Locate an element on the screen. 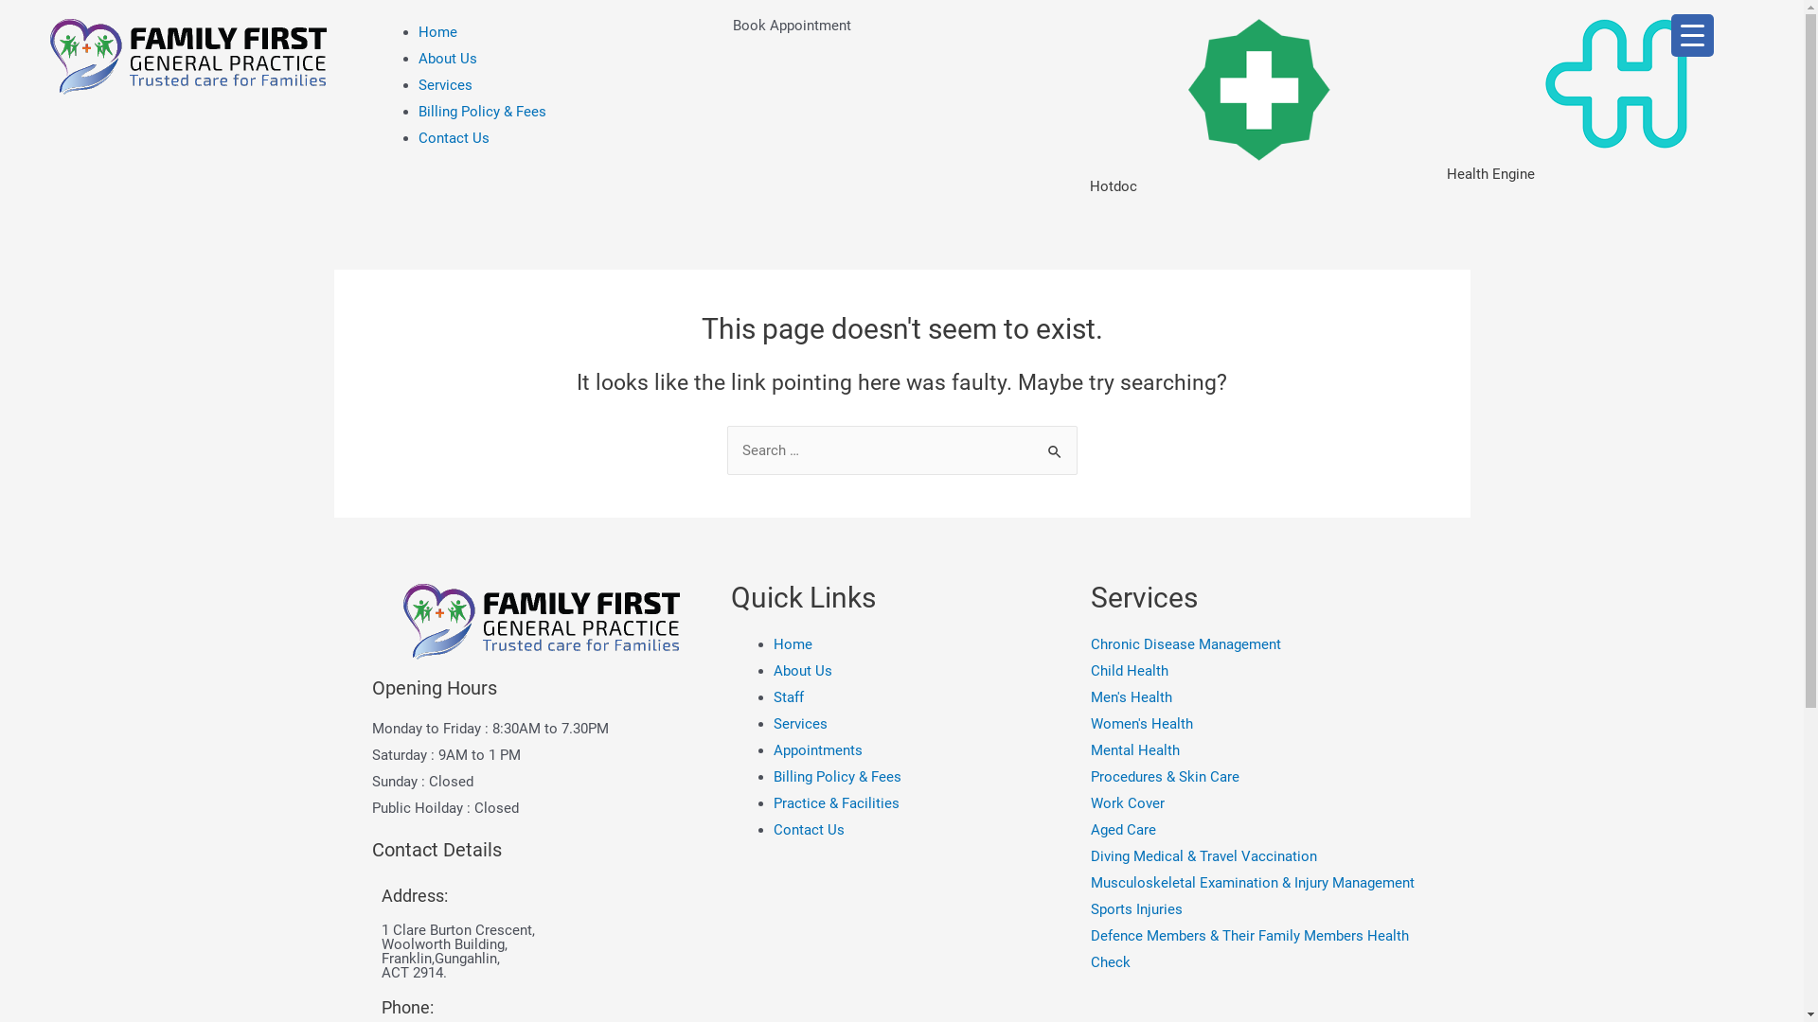  'Defence Members & Their Family Members Health Check' is located at coordinates (1260, 948).